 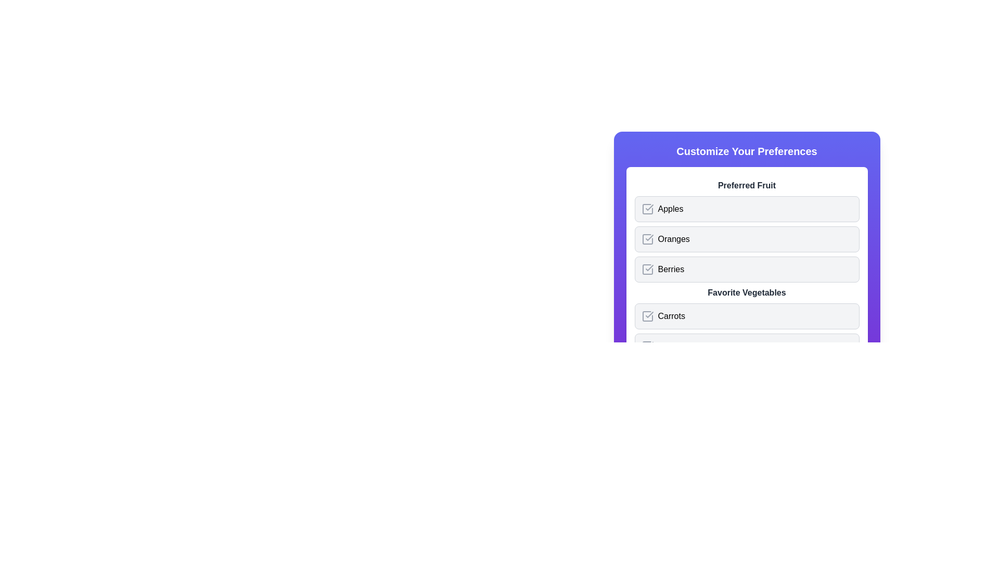 What do you see at coordinates (647, 209) in the screenshot?
I see `the checkbox for 'Apples' in the 'Preferred Fruit' category to potentially see a tooltip or highlight` at bounding box center [647, 209].